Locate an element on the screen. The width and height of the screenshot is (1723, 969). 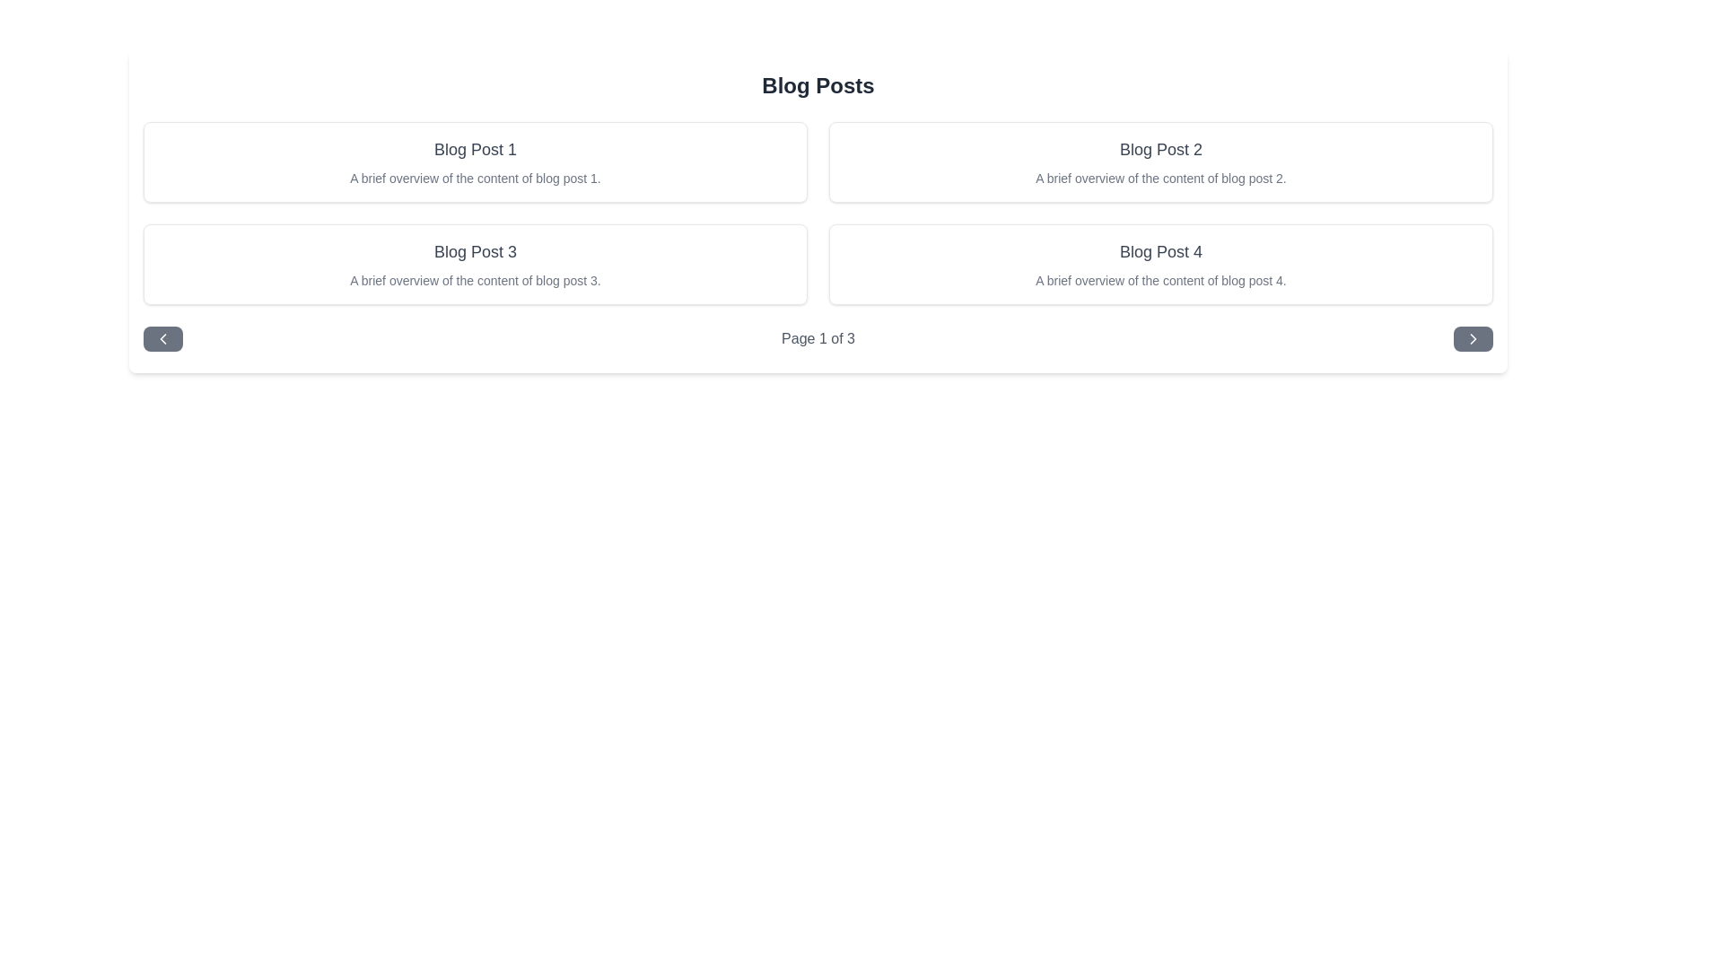
the rounded rectangular button with a grey background and a leftward-pointing chevron icon, located at the bottom left of the 'Page 1 of 3' navigation bar is located at coordinates (163, 339).